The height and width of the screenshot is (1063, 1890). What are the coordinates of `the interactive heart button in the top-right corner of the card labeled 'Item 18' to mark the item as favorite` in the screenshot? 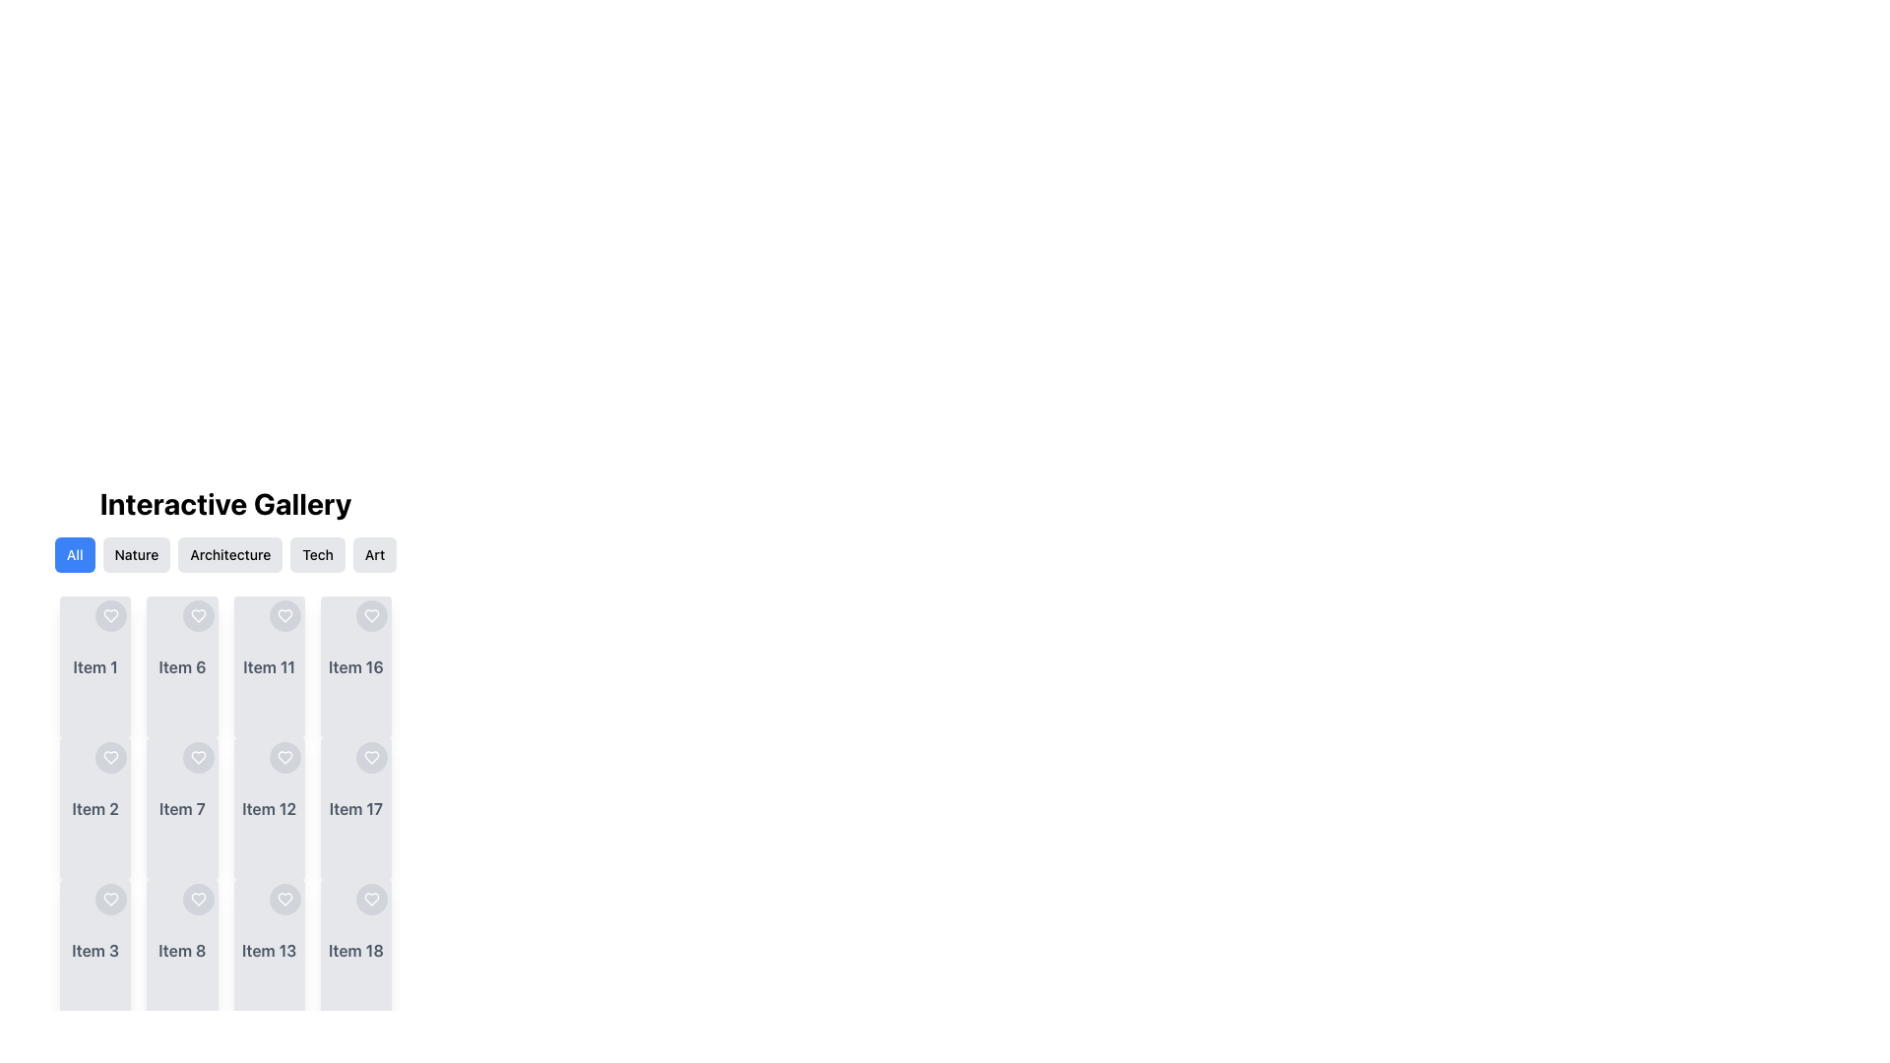 It's located at (372, 900).